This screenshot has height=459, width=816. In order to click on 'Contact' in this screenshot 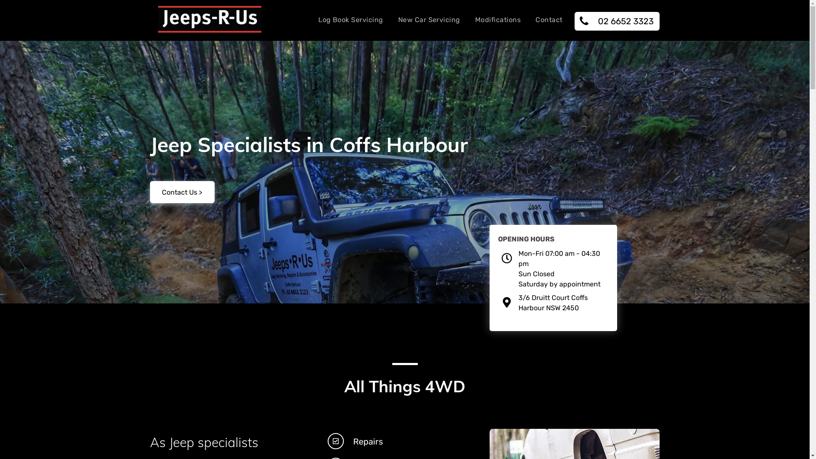, I will do `click(549, 19)`.